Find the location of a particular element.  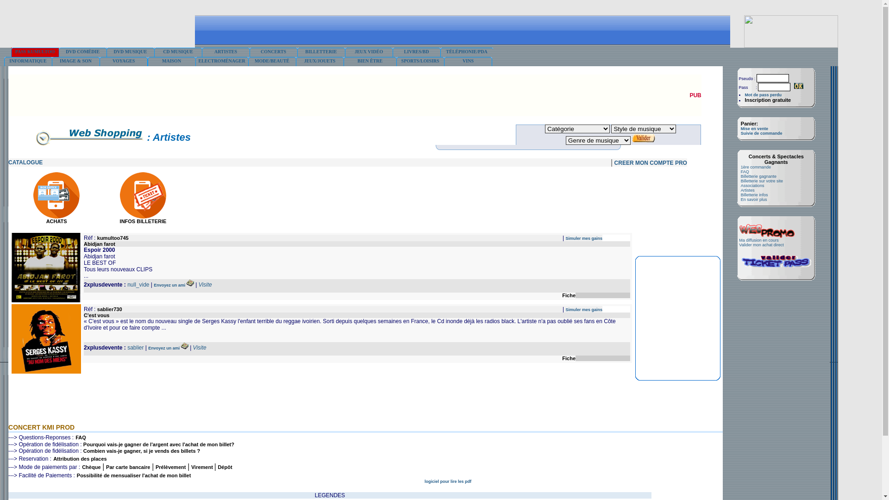

'logiciel pour lire les pdf' is located at coordinates (448, 481).